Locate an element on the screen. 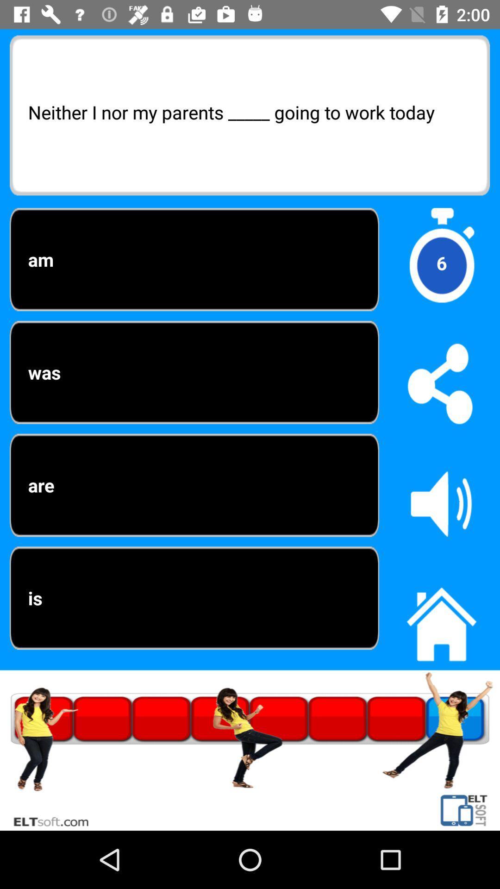 This screenshot has height=889, width=500. the was option is located at coordinates (194, 372).